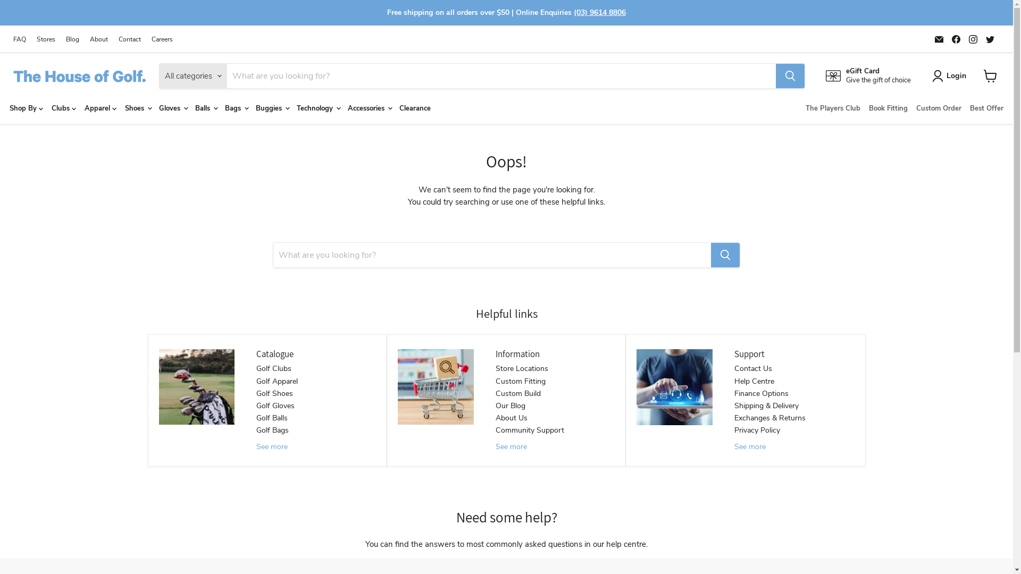 The height and width of the screenshot is (574, 1021). What do you see at coordinates (825, 75) in the screenshot?
I see `'eGift Card` at bounding box center [825, 75].